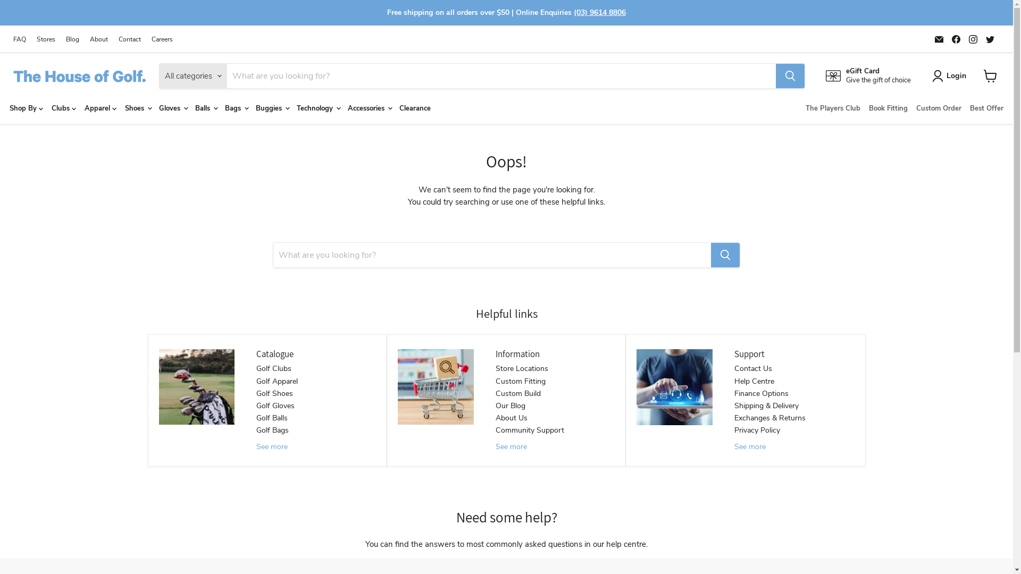 The height and width of the screenshot is (574, 1021). What do you see at coordinates (825, 75) in the screenshot?
I see `'eGift Card` at bounding box center [825, 75].